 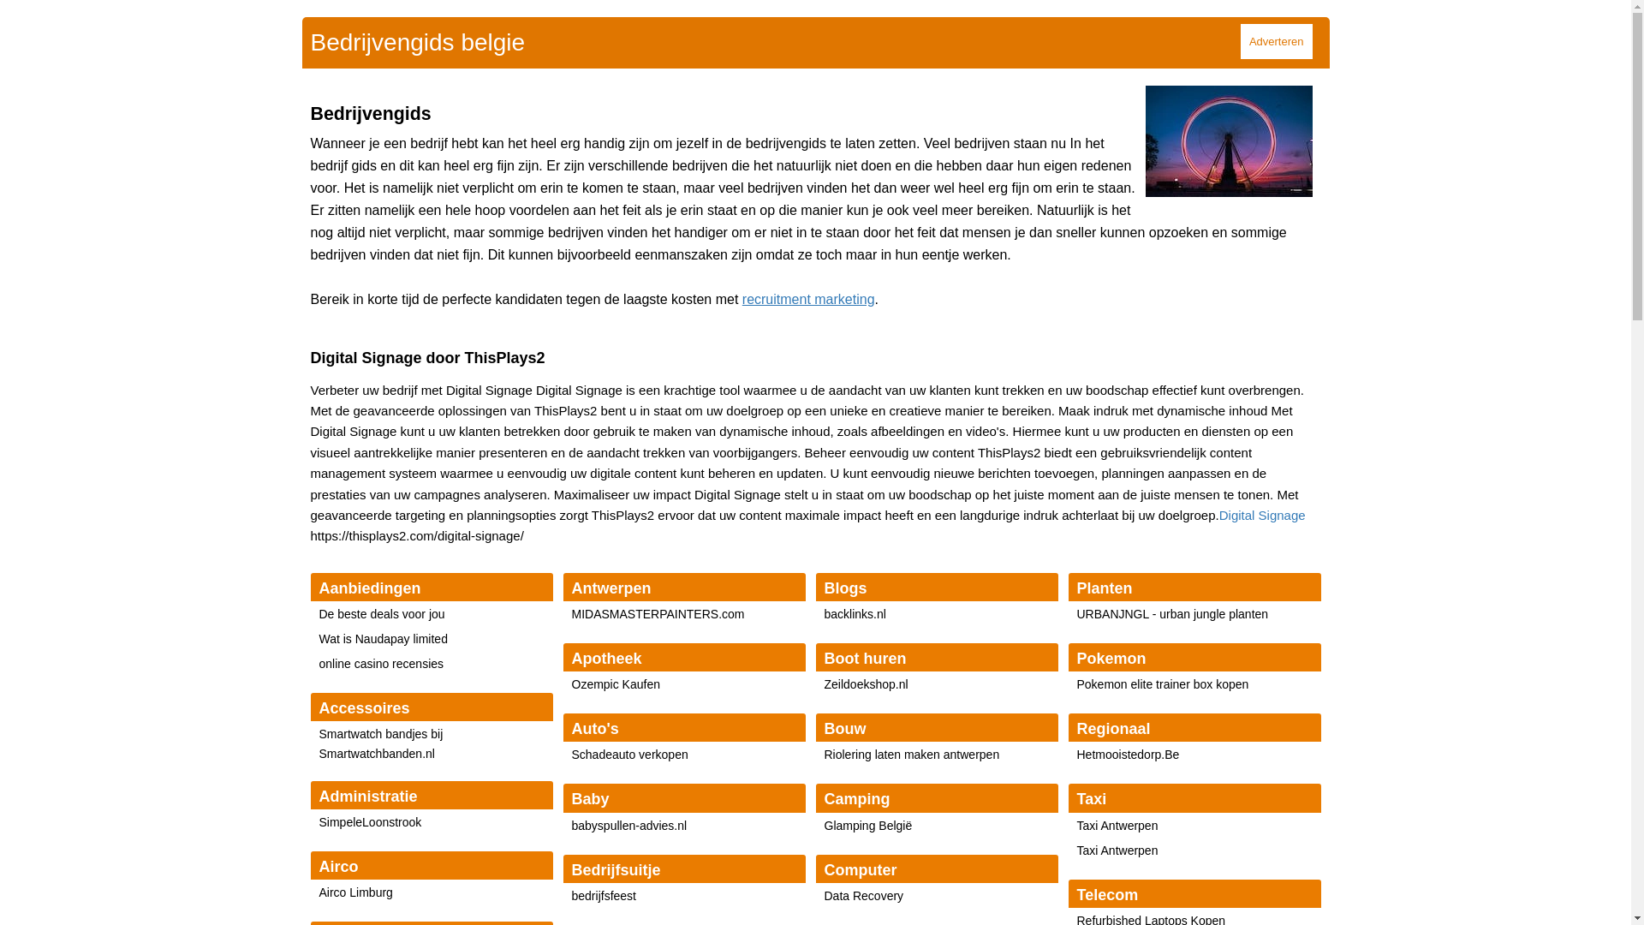 What do you see at coordinates (380, 663) in the screenshot?
I see `'online casino recensies'` at bounding box center [380, 663].